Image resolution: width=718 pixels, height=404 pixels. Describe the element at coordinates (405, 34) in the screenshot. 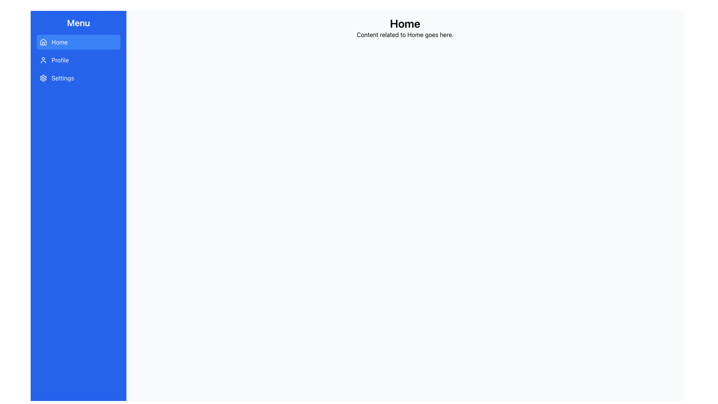

I see `the text element that reads 'Content related to Home goes here.' which is located directly below the 'Home' title text` at that location.